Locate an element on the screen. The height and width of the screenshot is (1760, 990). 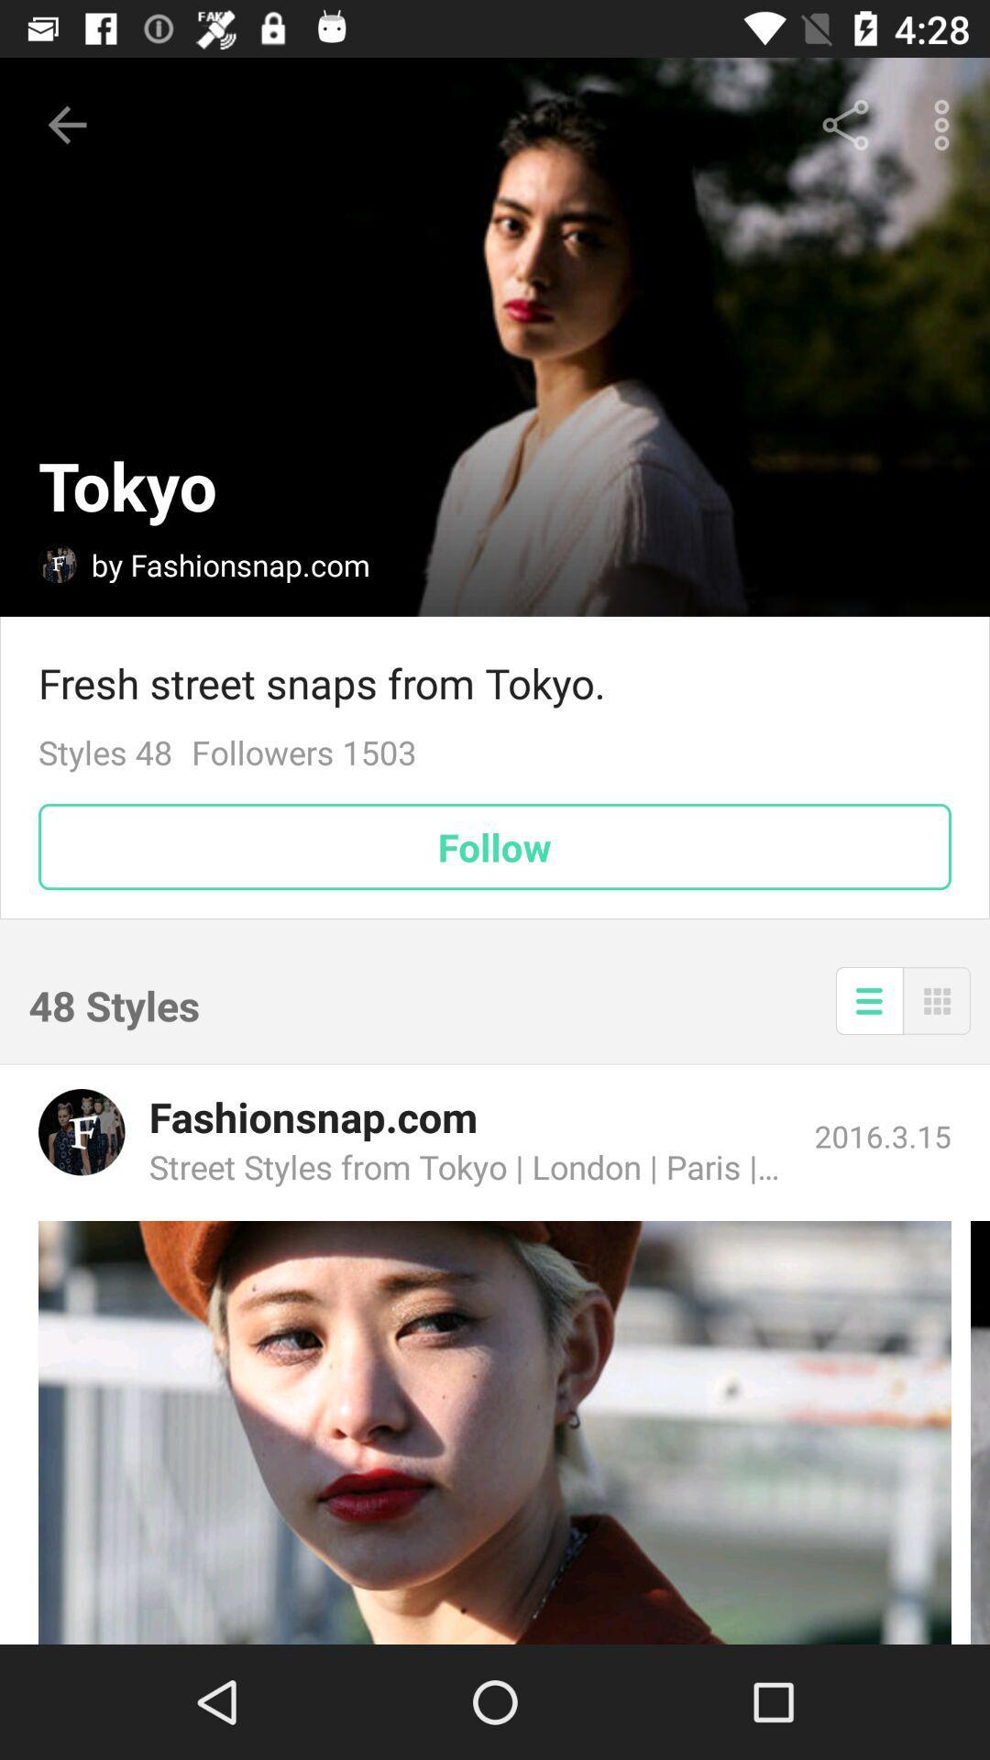
change view to grid is located at coordinates (937, 999).